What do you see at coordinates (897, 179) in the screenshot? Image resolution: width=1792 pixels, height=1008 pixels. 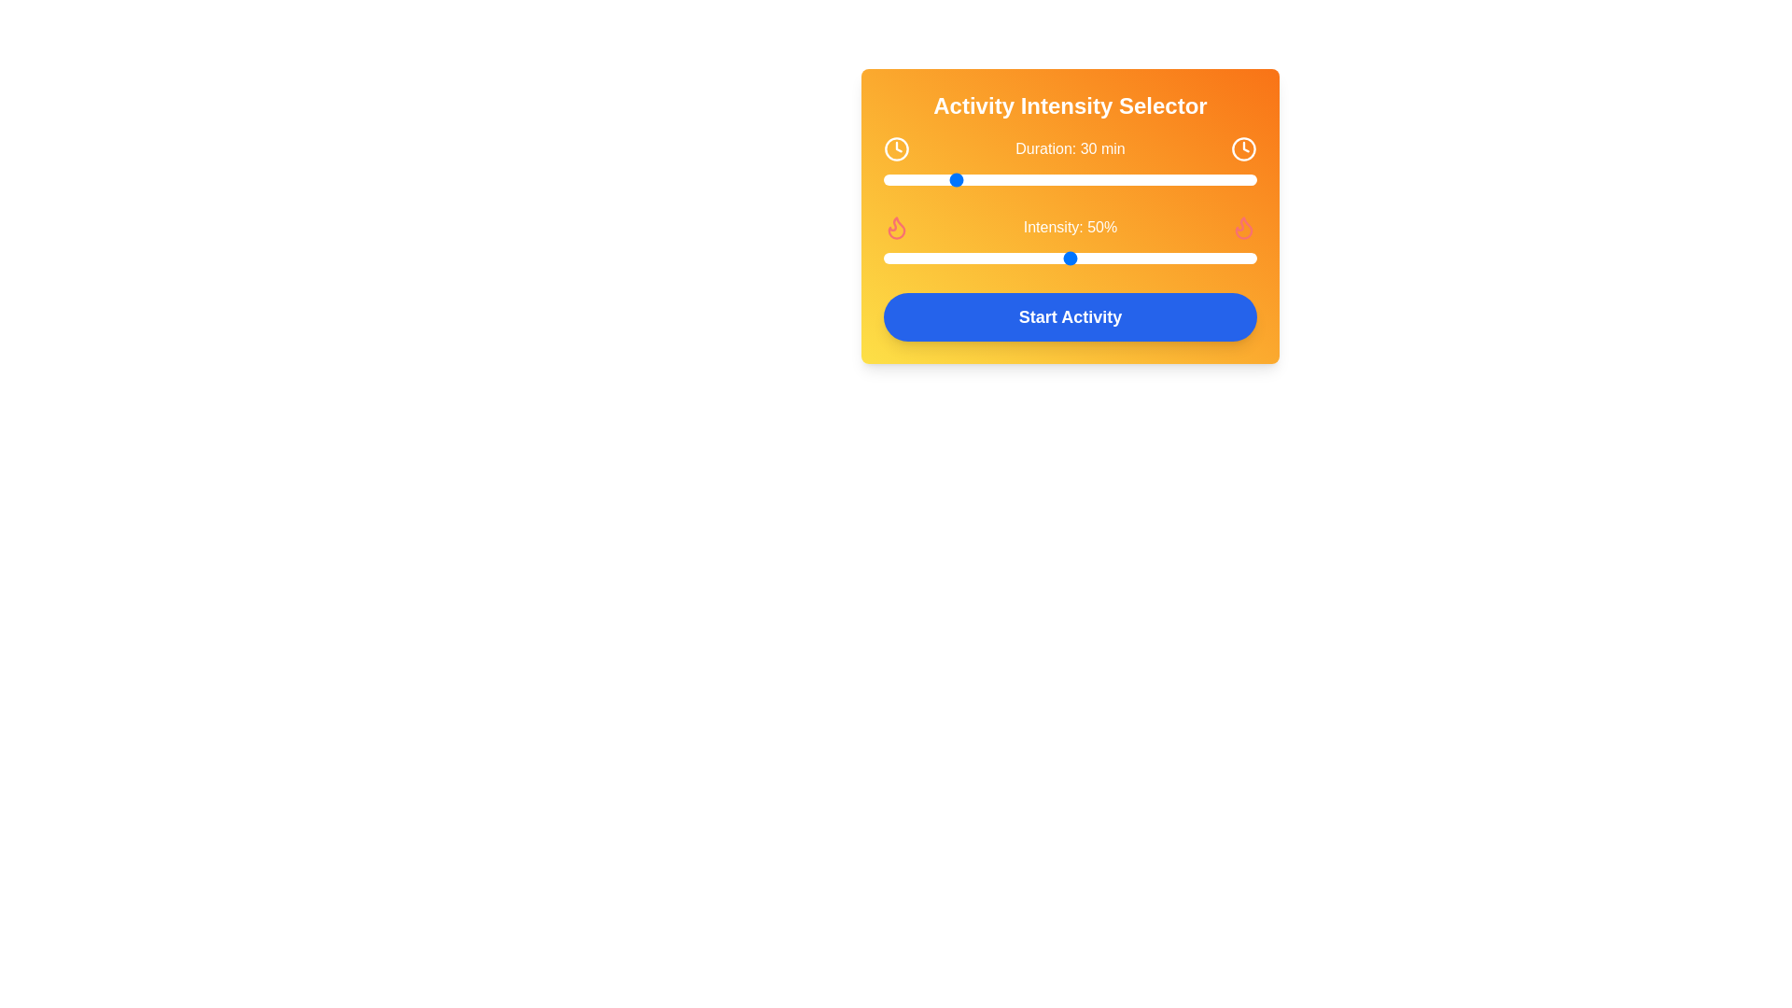 I see `the duration slider to 14 minutes` at bounding box center [897, 179].